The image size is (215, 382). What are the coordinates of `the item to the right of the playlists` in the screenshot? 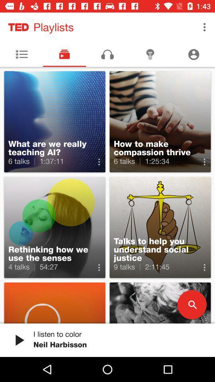 It's located at (204, 27).